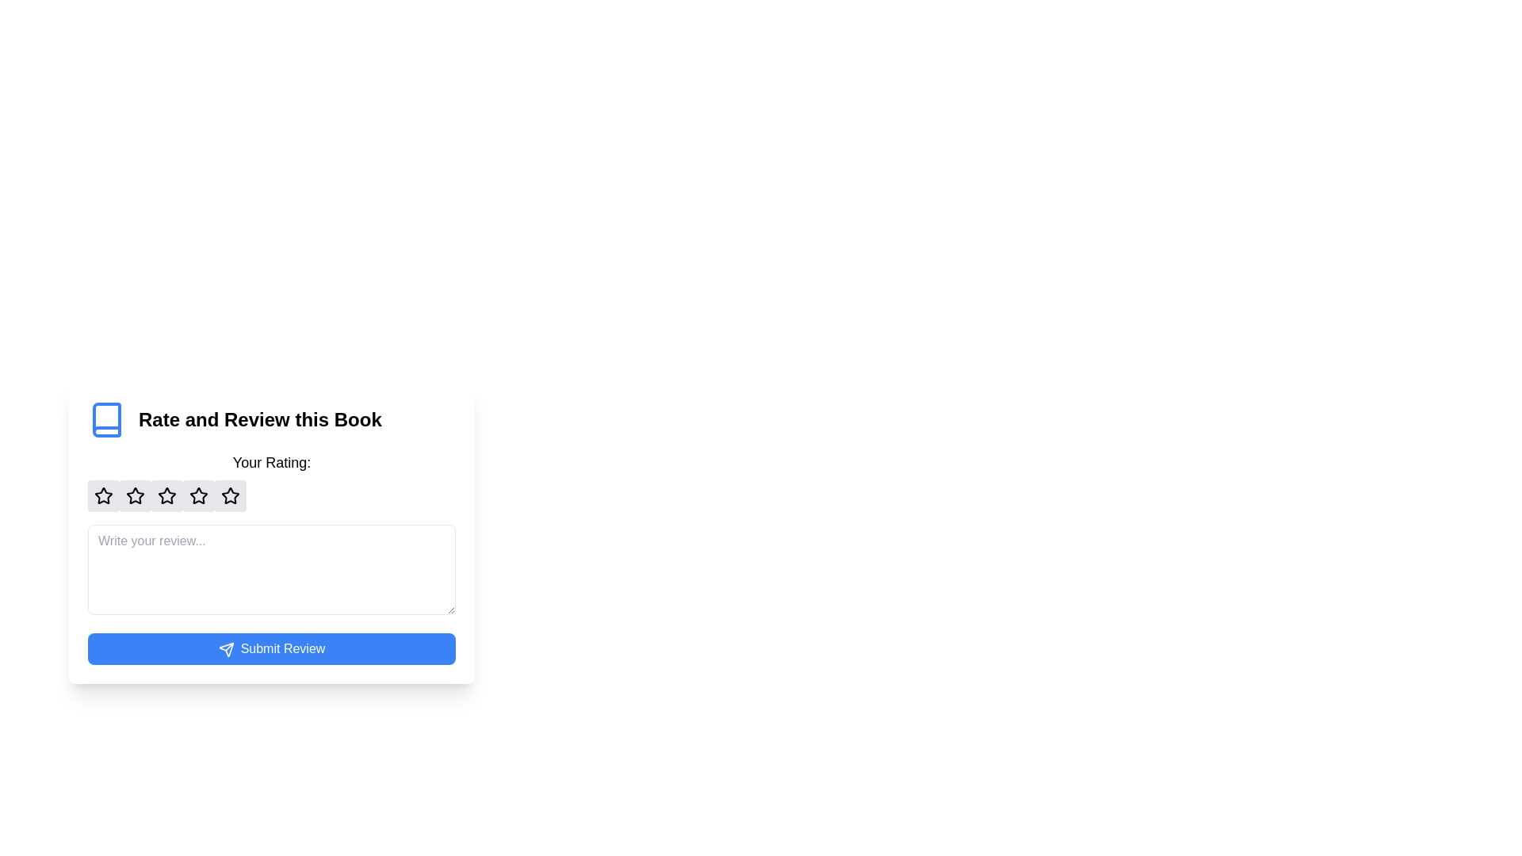 The width and height of the screenshot is (1522, 856). What do you see at coordinates (136, 495) in the screenshot?
I see `the second star rating button in the row below the 'Your Rating:' label` at bounding box center [136, 495].